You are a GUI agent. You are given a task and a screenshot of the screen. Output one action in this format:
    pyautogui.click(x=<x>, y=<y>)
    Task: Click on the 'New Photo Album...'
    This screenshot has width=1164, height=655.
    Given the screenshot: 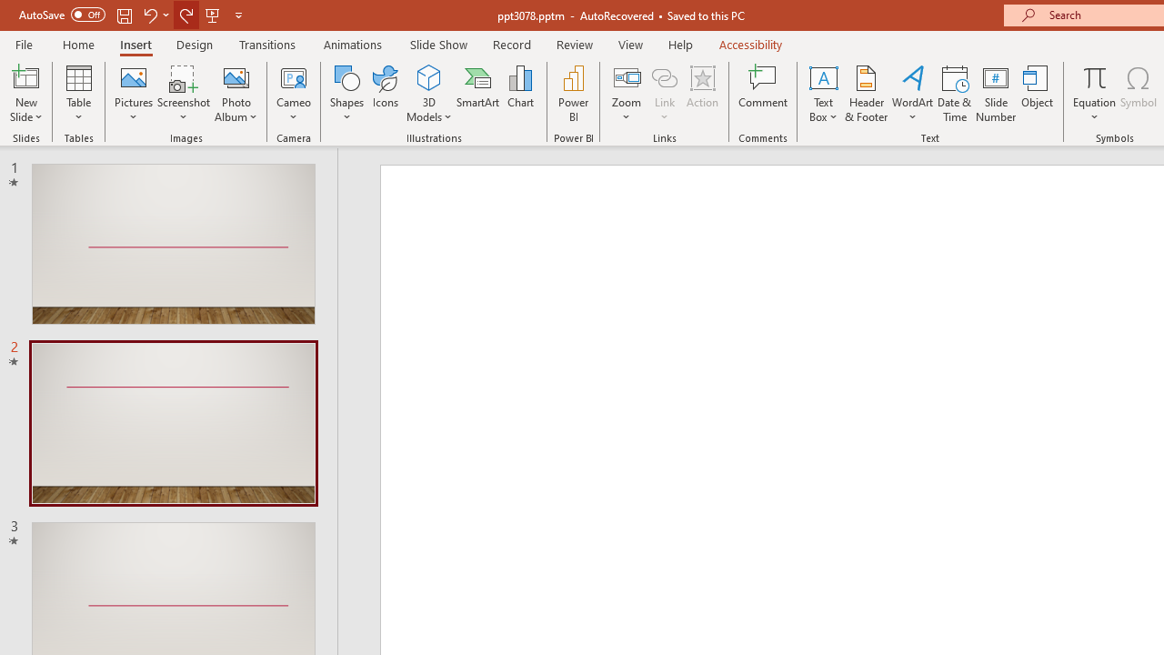 What is the action you would take?
    pyautogui.click(x=235, y=76)
    